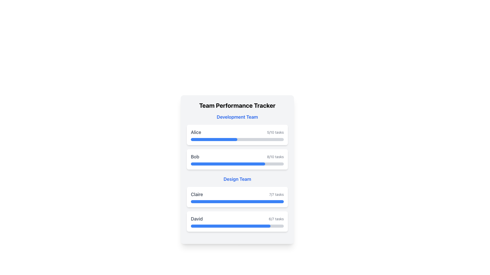 The height and width of the screenshot is (275, 490). What do you see at coordinates (197, 194) in the screenshot?
I see `the text element displaying the name 'Claire', which is styled in gray and aligned to the left in the 'Design Team' section` at bounding box center [197, 194].